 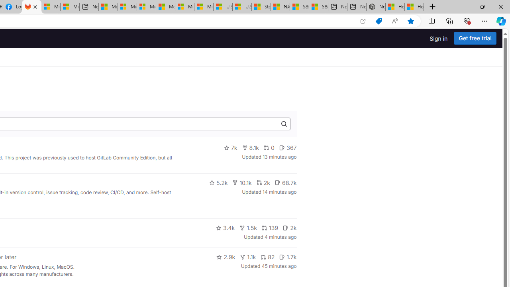 I want to click on '7k', so click(x=230, y=148).